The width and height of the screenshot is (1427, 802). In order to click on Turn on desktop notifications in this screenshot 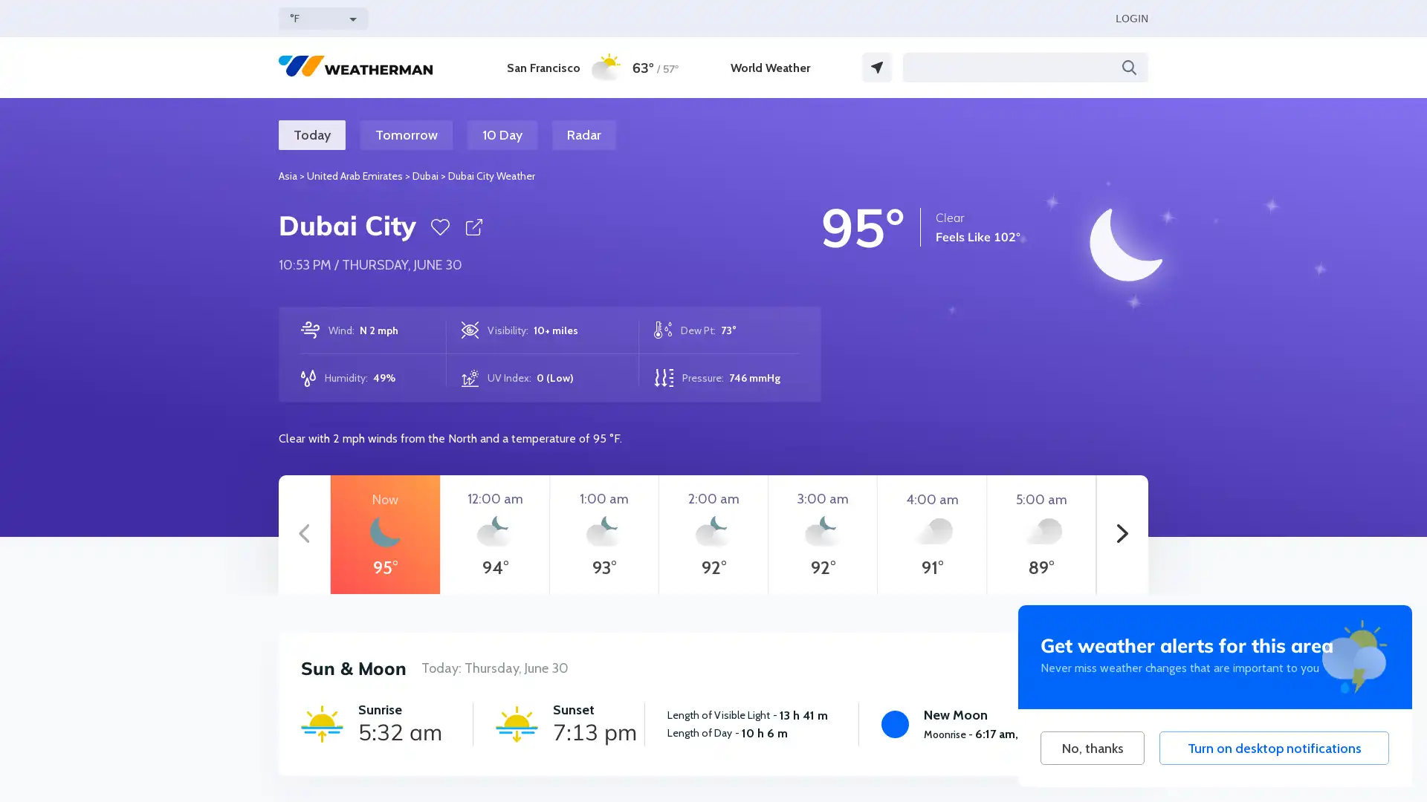, I will do `click(1273, 748)`.